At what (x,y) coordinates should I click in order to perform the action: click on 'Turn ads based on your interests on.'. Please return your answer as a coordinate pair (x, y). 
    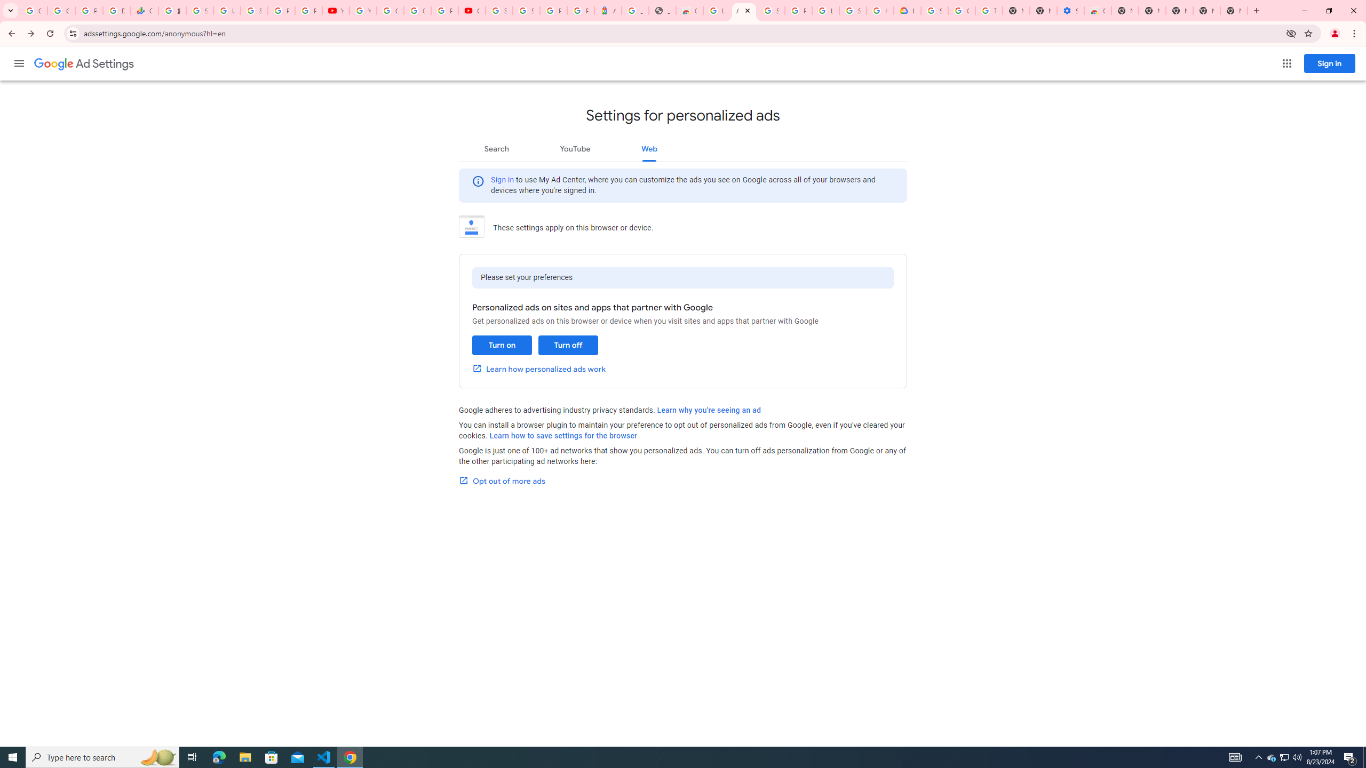
    Looking at the image, I should click on (501, 345).